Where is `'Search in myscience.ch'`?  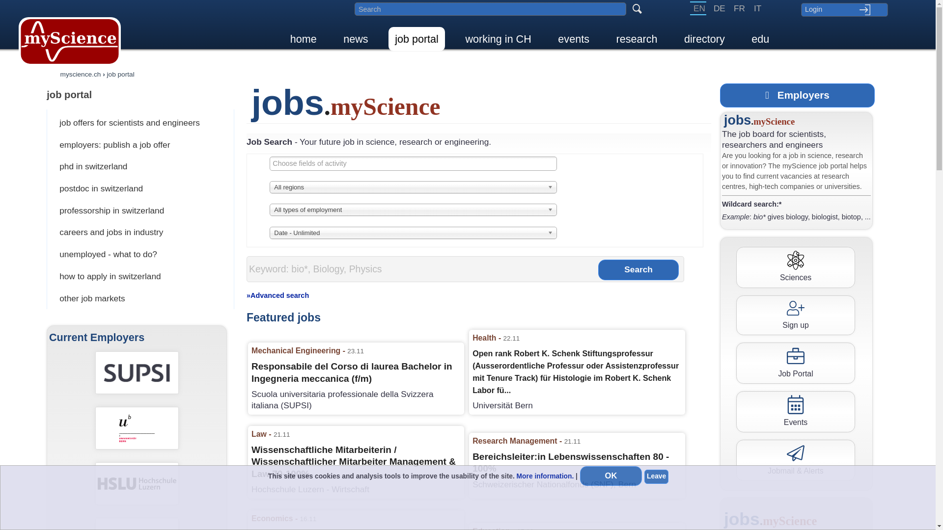
'Search in myscience.ch' is located at coordinates (490, 9).